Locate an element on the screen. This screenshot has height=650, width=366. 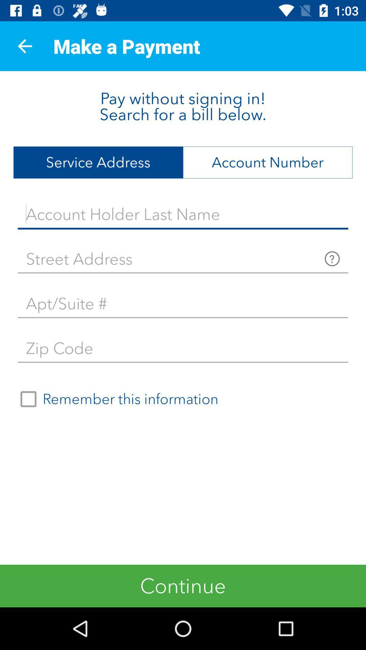
icon next to the account number icon is located at coordinates (98, 162).